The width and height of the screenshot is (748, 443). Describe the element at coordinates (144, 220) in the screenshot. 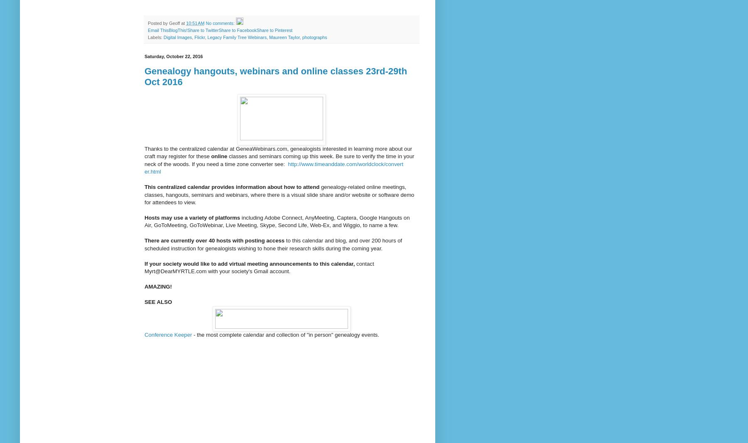

I see `'including Adobe Connect, AnyMeeting, Captera, Google Hangouts on Air, GoToMeeting, GoToWebinar, Live Meeting, Skype, Second'` at that location.